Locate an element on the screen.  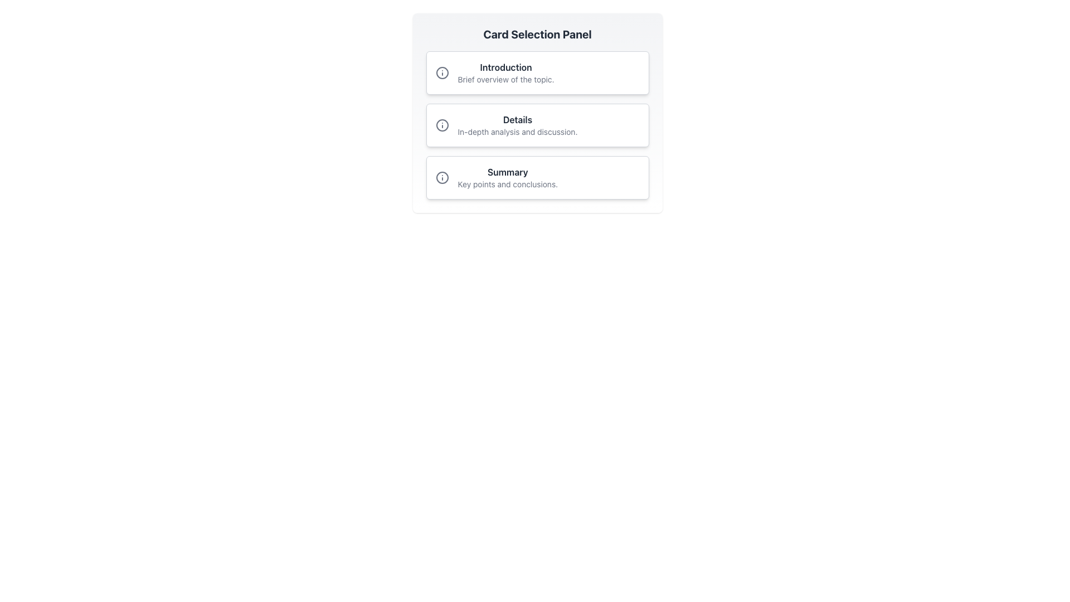
the minimalist styled circle icon located within the 'Introduction' option in the 'Card Selection Panel' is located at coordinates (441, 73).